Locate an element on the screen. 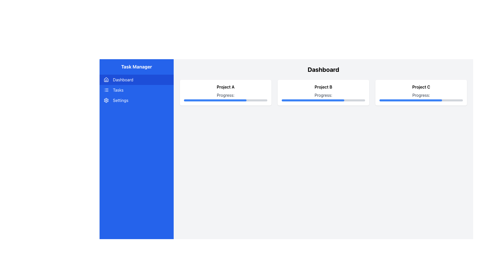 The image size is (494, 278). the 'Settings' icon located is located at coordinates (106, 100).